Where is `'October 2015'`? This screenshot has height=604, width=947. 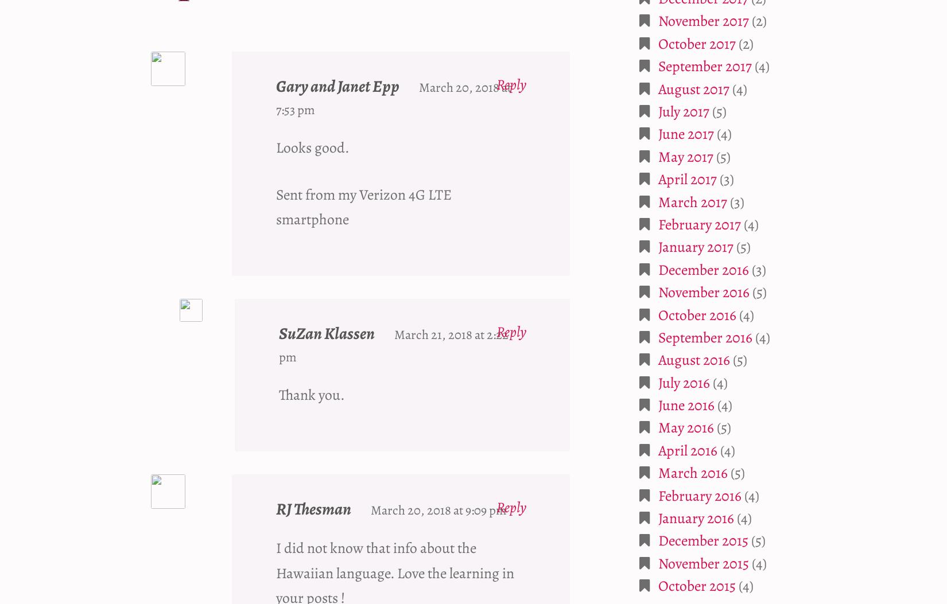
'October 2015' is located at coordinates (697, 585).